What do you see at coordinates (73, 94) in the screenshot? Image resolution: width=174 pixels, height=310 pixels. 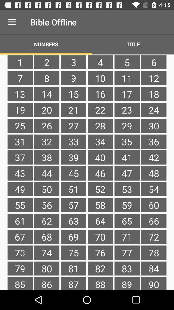 I see `the item next to 8 icon` at bounding box center [73, 94].